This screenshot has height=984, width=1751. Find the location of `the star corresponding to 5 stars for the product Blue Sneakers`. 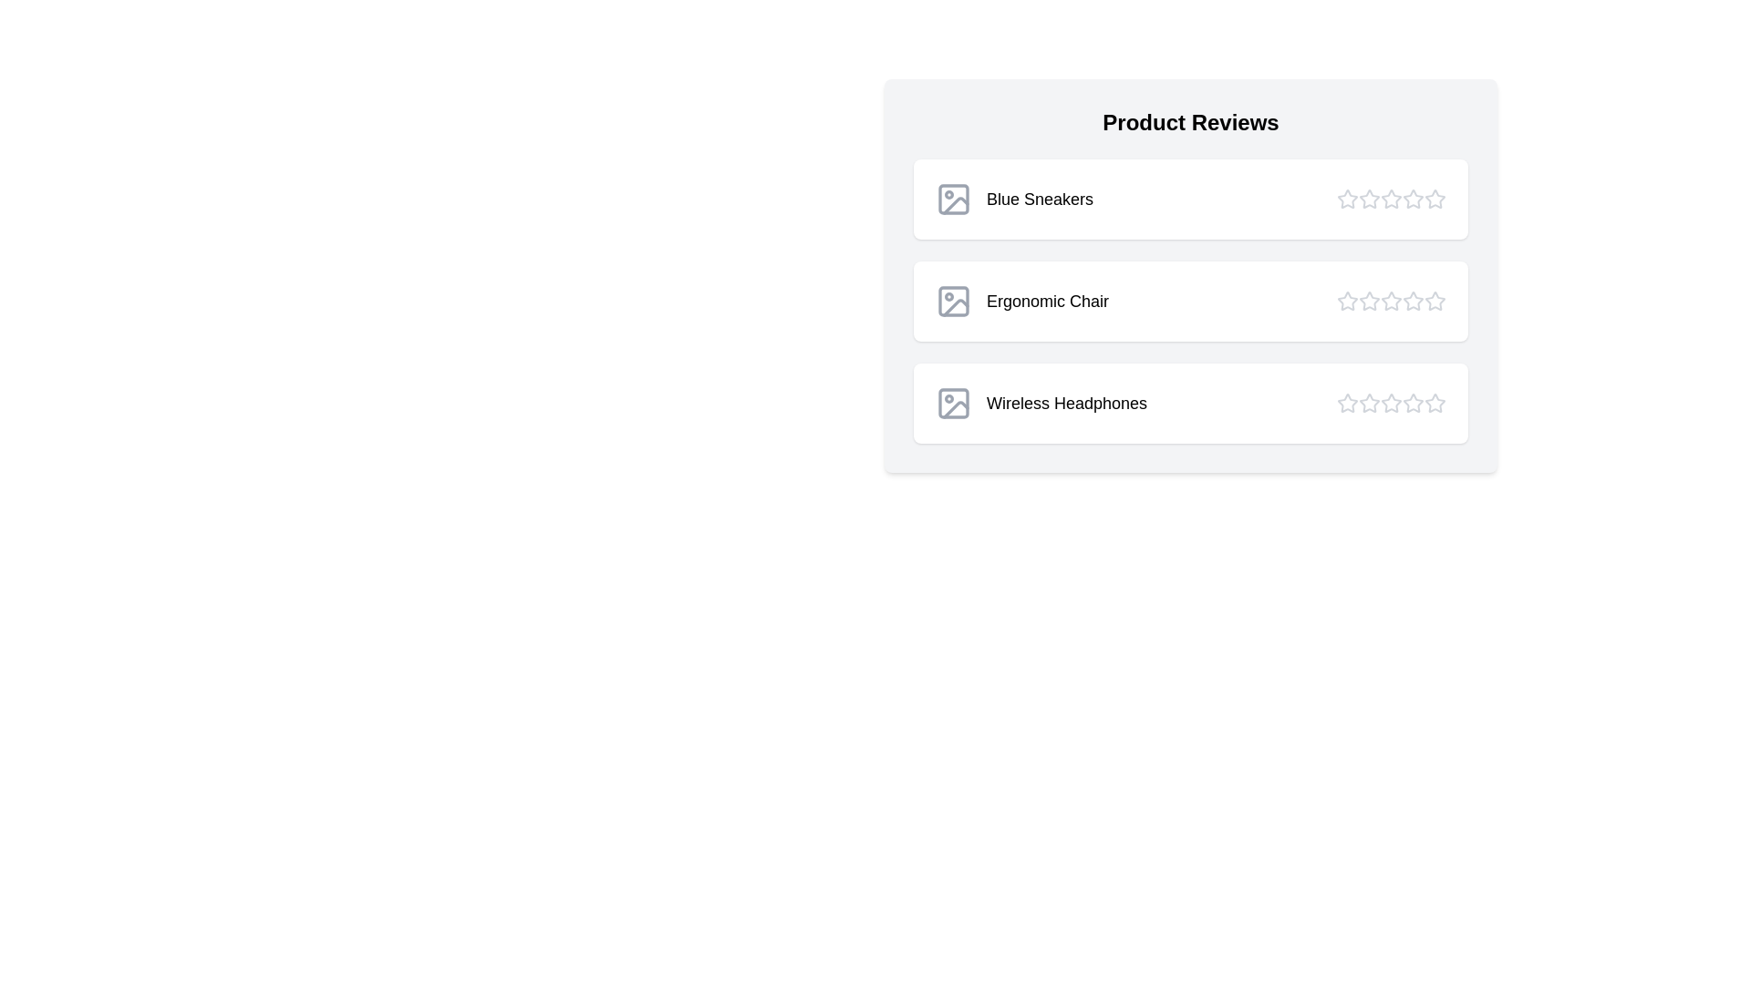

the star corresponding to 5 stars for the product Blue Sneakers is located at coordinates (1435, 200).